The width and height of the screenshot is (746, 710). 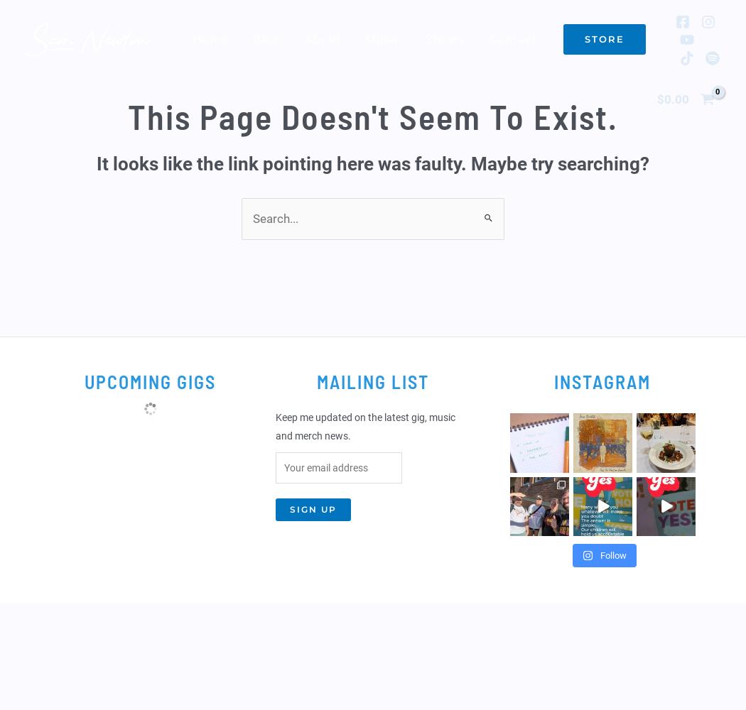 I want to click on 'This page doesn't seem to exist.', so click(x=127, y=116).